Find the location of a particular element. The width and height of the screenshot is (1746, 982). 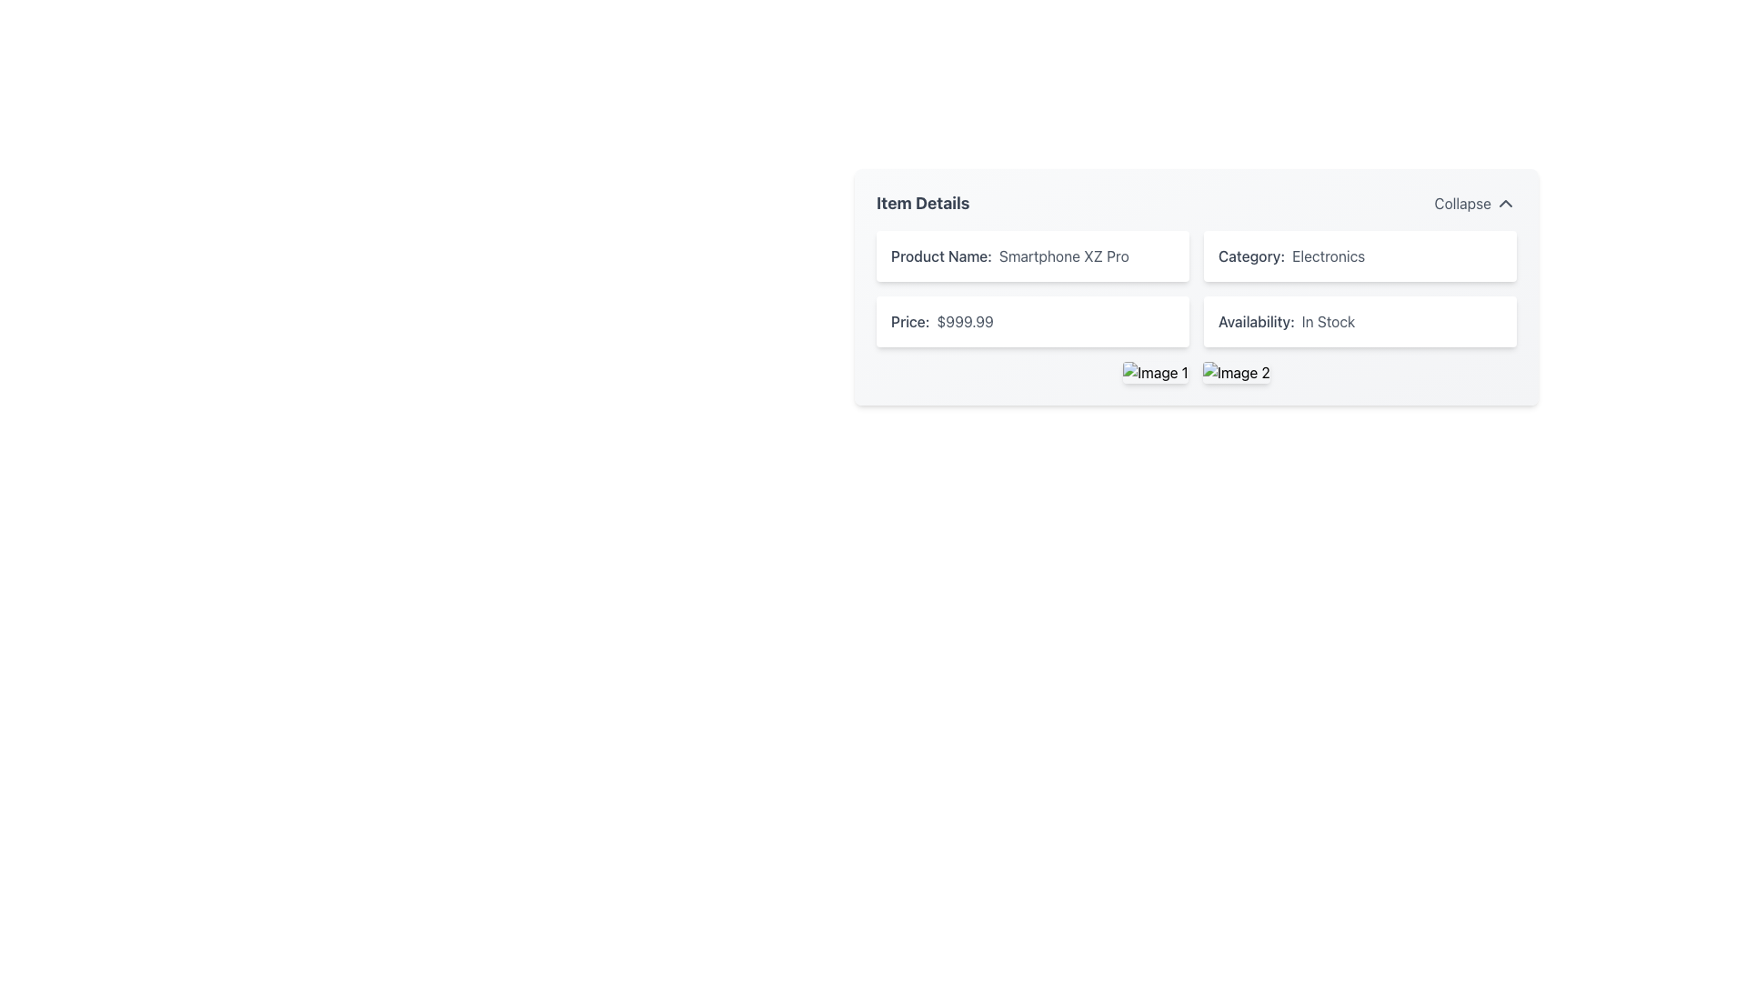

the text label 'Category:' which is styled in gray and aligned to the left, located in the third row of the product card layout is located at coordinates (1250, 256).